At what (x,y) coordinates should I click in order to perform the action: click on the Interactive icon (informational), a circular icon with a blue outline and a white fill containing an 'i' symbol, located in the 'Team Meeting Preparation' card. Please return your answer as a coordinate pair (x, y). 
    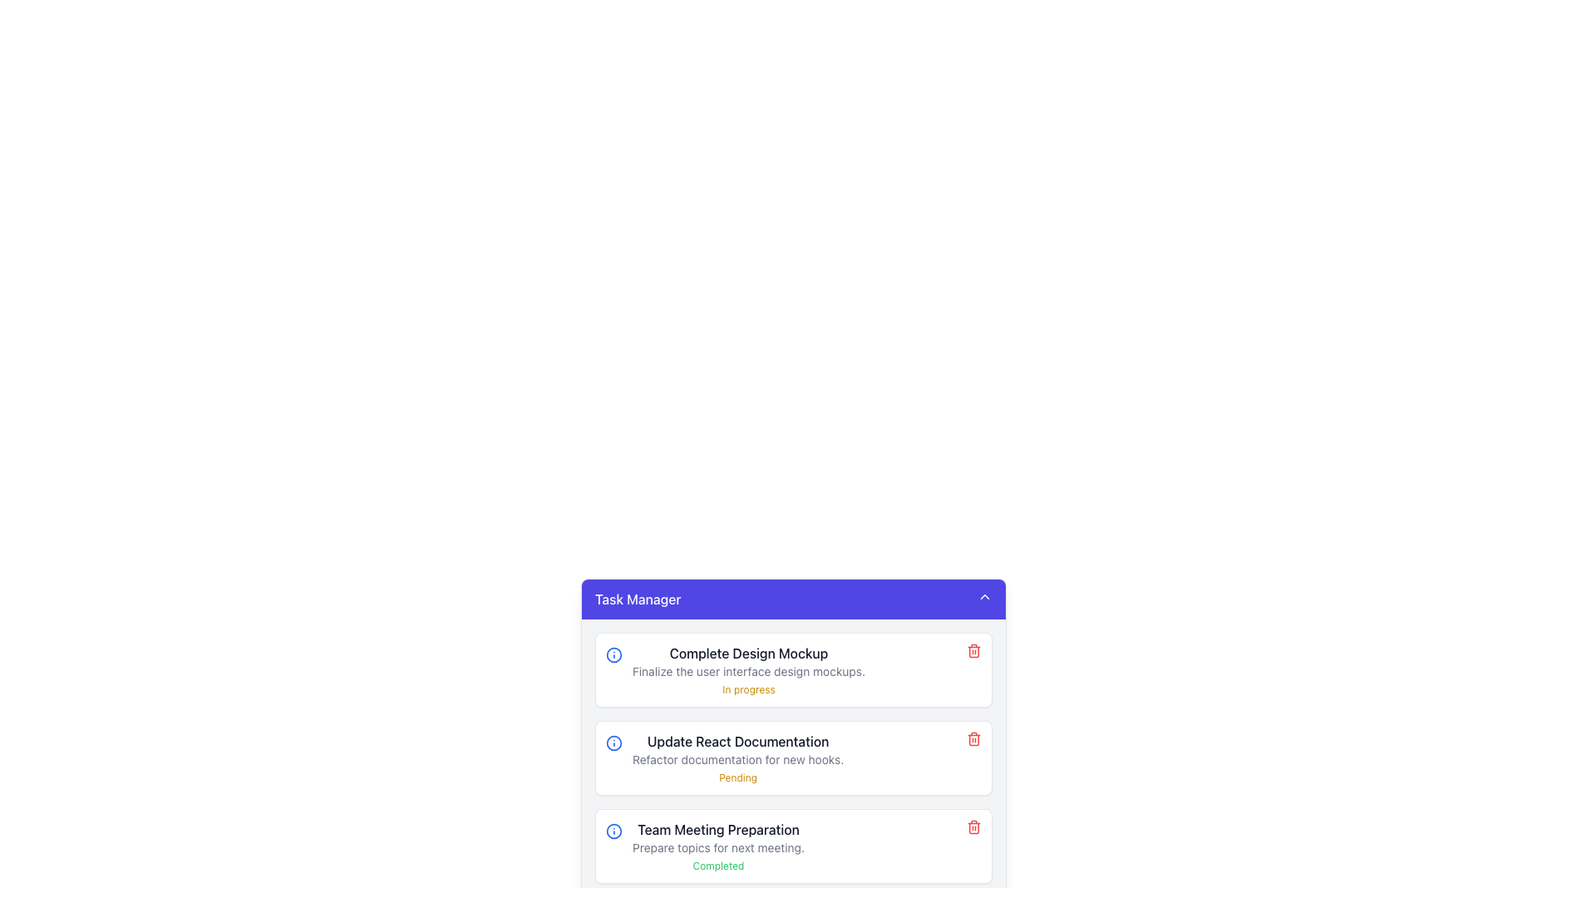
    Looking at the image, I should click on (613, 831).